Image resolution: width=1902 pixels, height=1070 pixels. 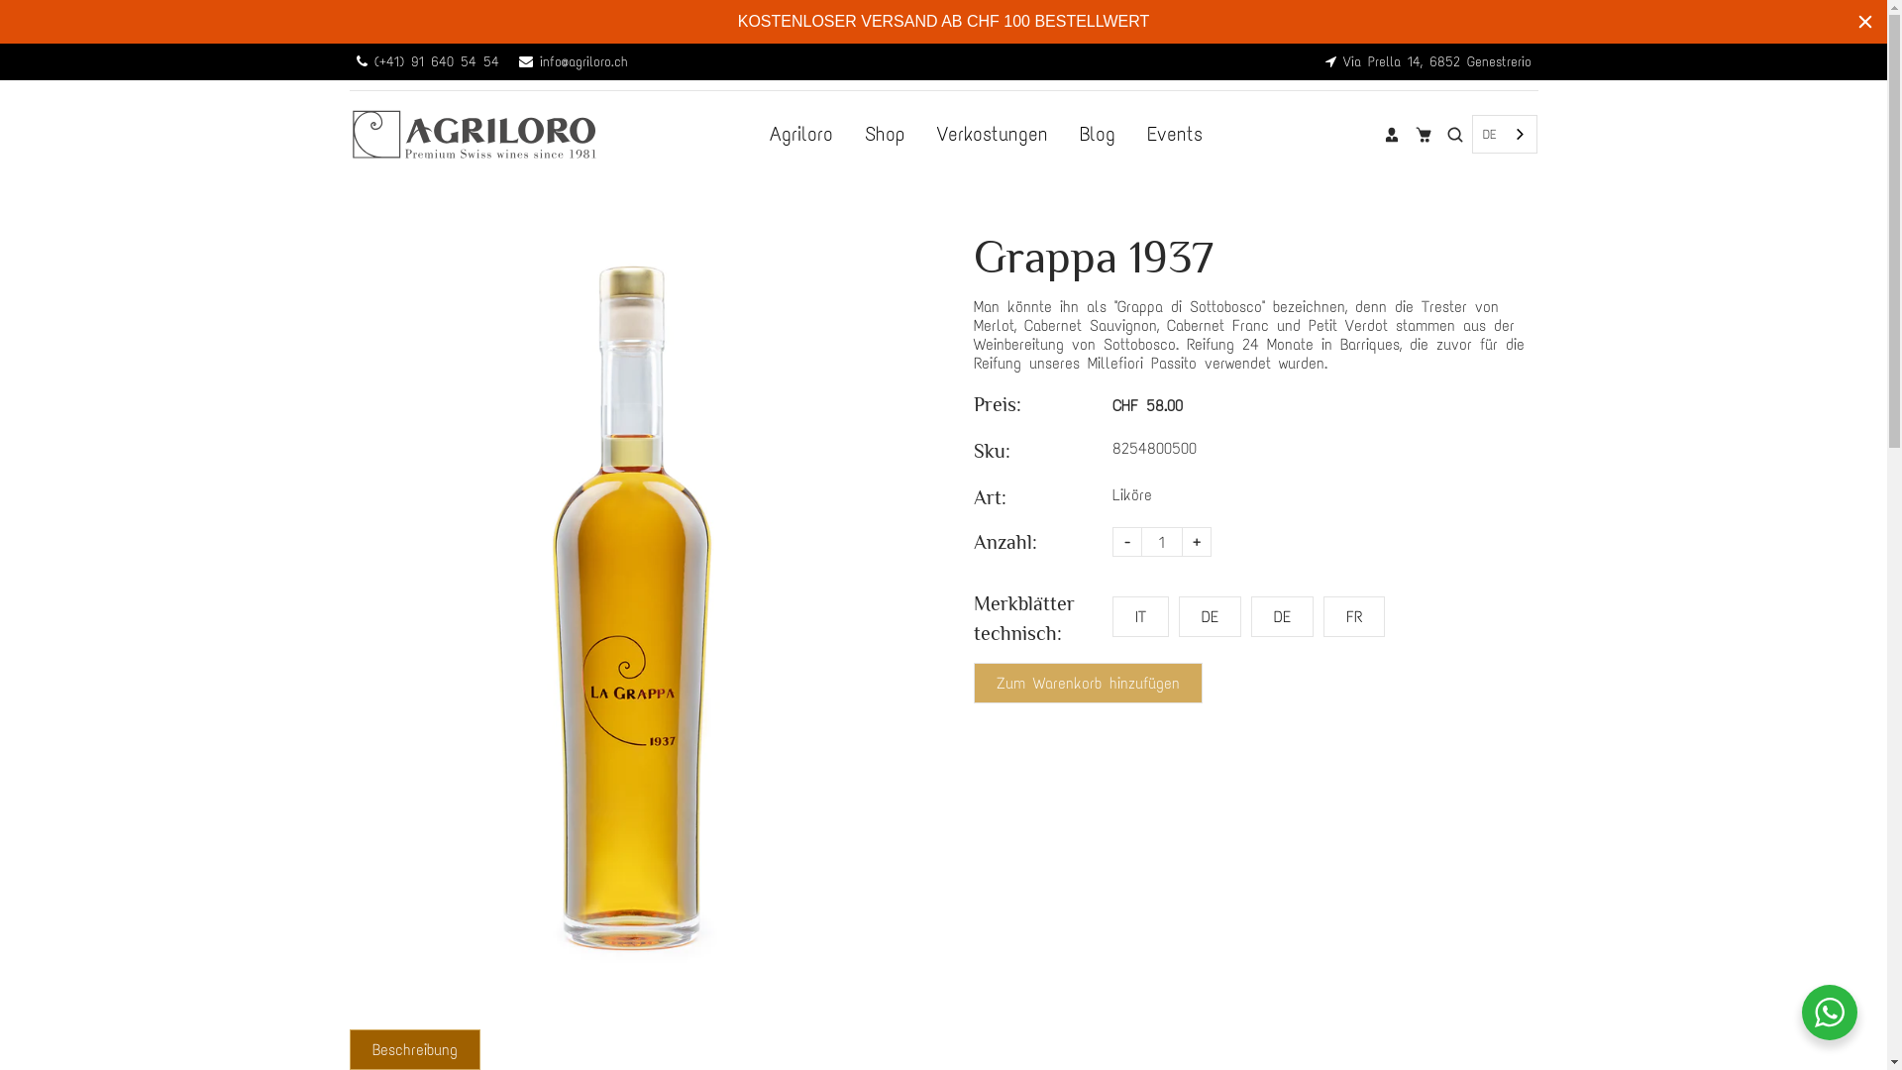 I want to click on '-', so click(x=1126, y=542).